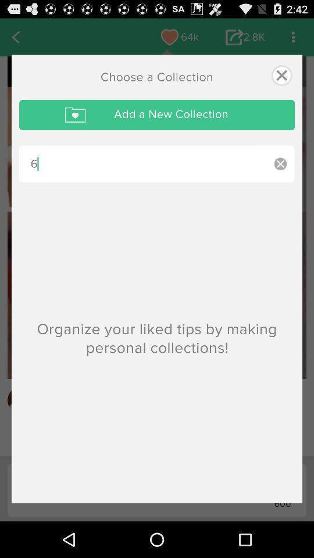  I want to click on the window, so click(281, 74).